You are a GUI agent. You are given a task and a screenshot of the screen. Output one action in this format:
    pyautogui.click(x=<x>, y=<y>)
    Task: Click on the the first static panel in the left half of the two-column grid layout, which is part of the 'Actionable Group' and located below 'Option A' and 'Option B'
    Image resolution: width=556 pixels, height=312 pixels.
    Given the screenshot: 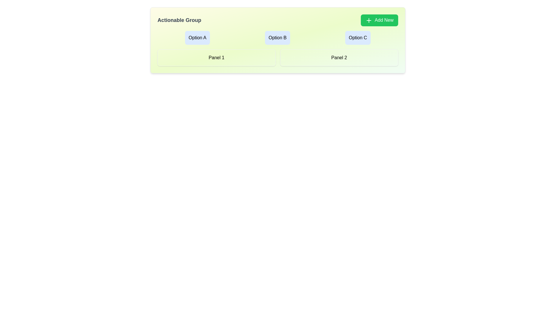 What is the action you would take?
    pyautogui.click(x=216, y=57)
    